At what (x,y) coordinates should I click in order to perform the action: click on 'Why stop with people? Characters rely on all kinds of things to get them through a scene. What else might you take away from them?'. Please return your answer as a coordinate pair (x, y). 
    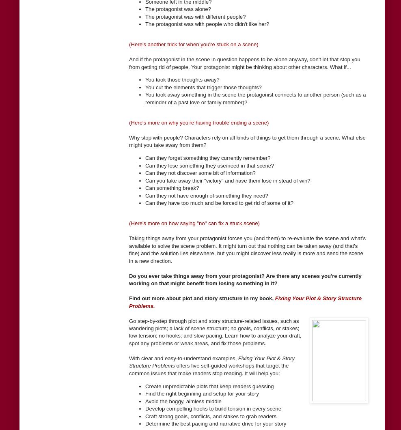
    Looking at the image, I should click on (247, 141).